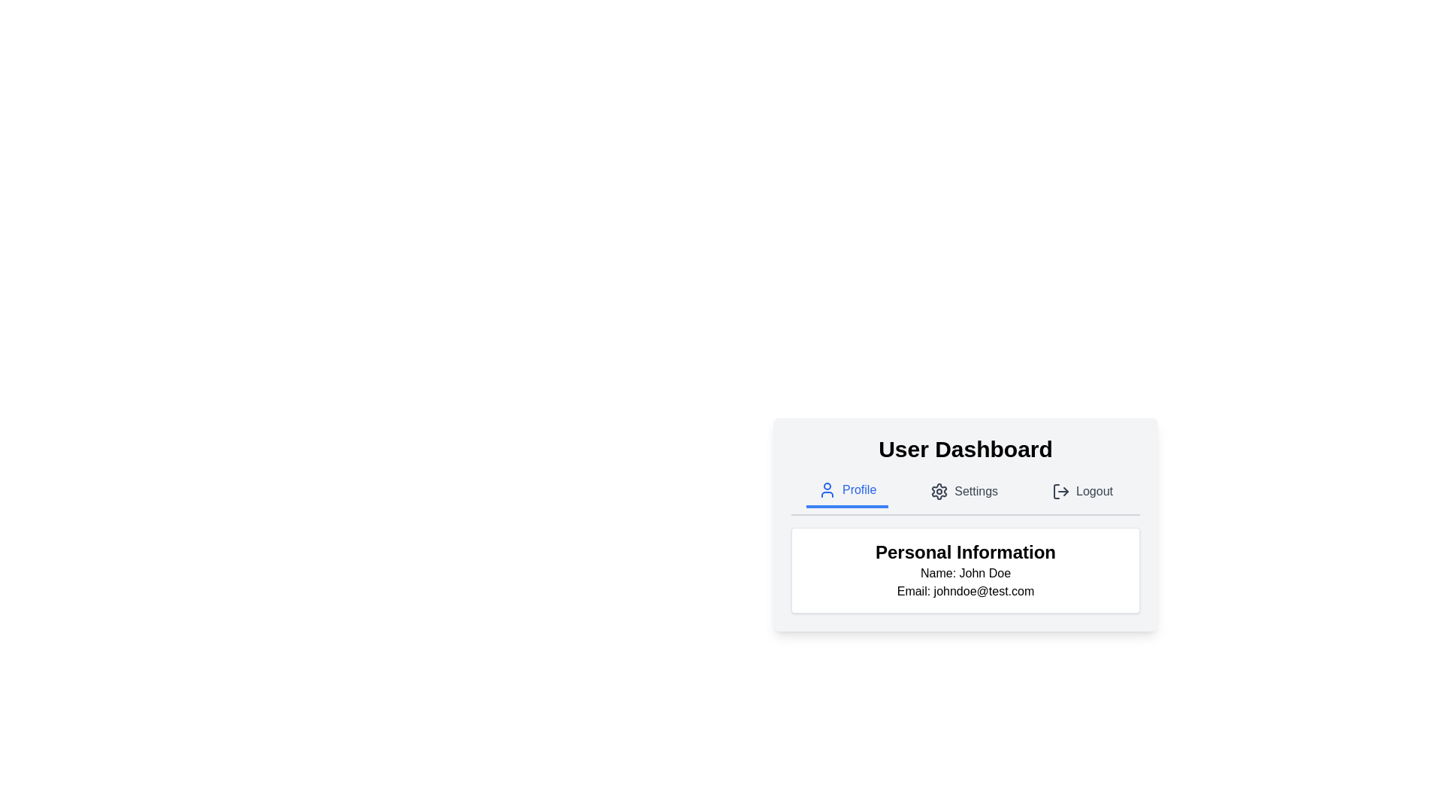 The image size is (1443, 812). Describe the element at coordinates (966, 571) in the screenshot. I see `the 'Personal Information' Information Display Block, which features a white background, rounded corners, and contains the title 'Personal Information' along with user details` at that location.